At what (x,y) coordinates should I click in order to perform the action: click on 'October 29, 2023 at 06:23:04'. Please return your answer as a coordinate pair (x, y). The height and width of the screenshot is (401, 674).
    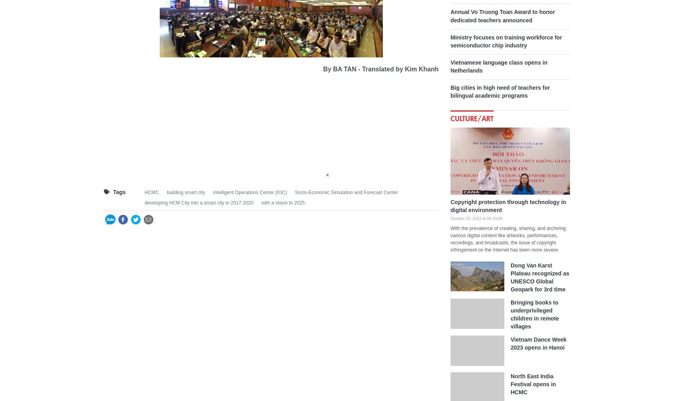
    Looking at the image, I should click on (476, 218).